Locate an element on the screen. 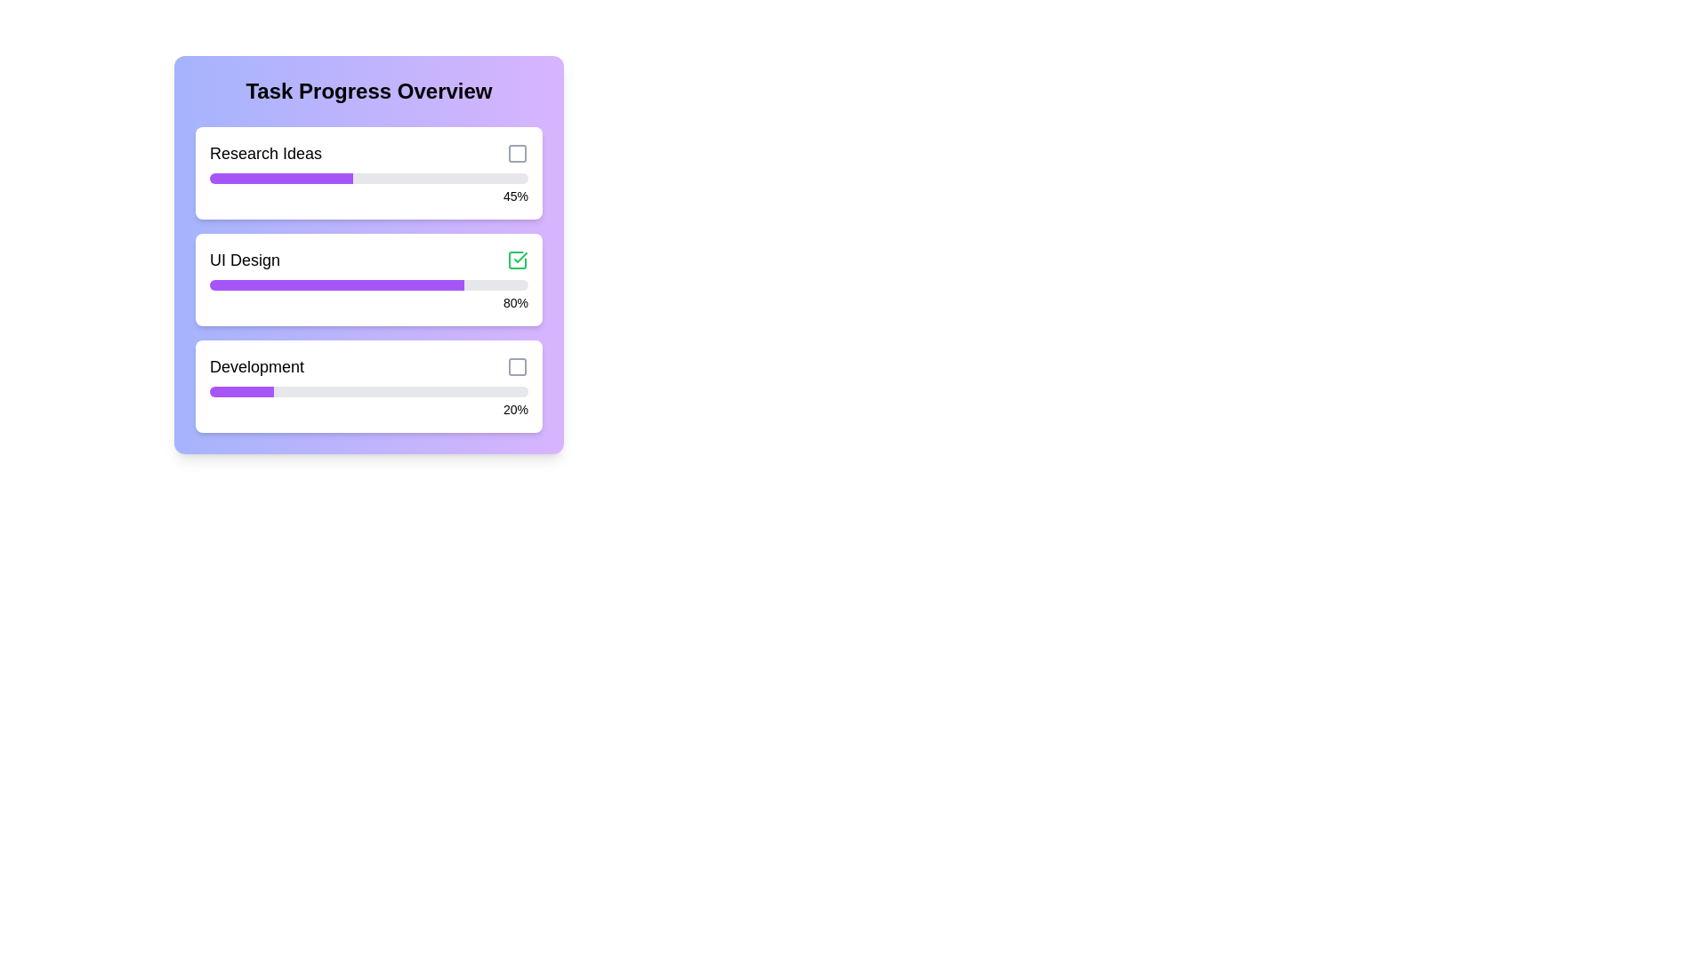  the checkbox located to the right of the 'UI Design' label in the second progress block is located at coordinates (516, 260).